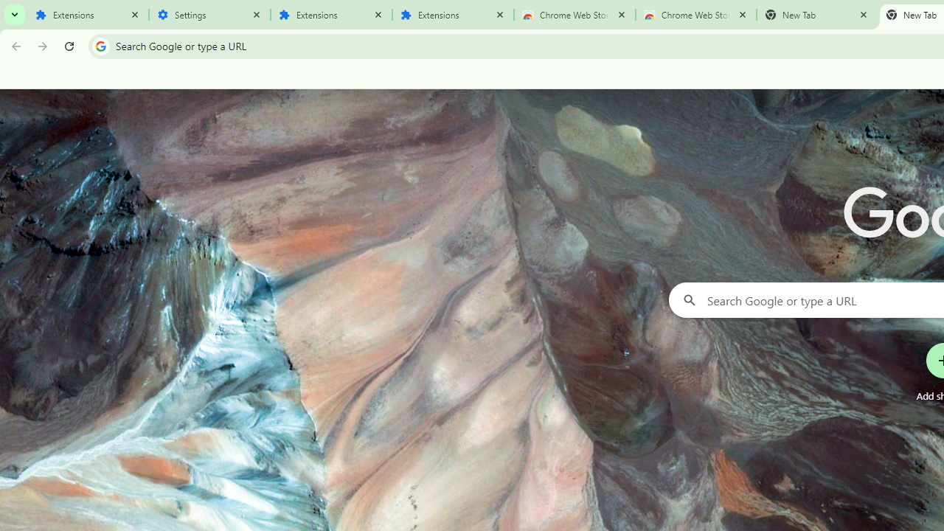  I want to click on 'Settings', so click(209, 15).